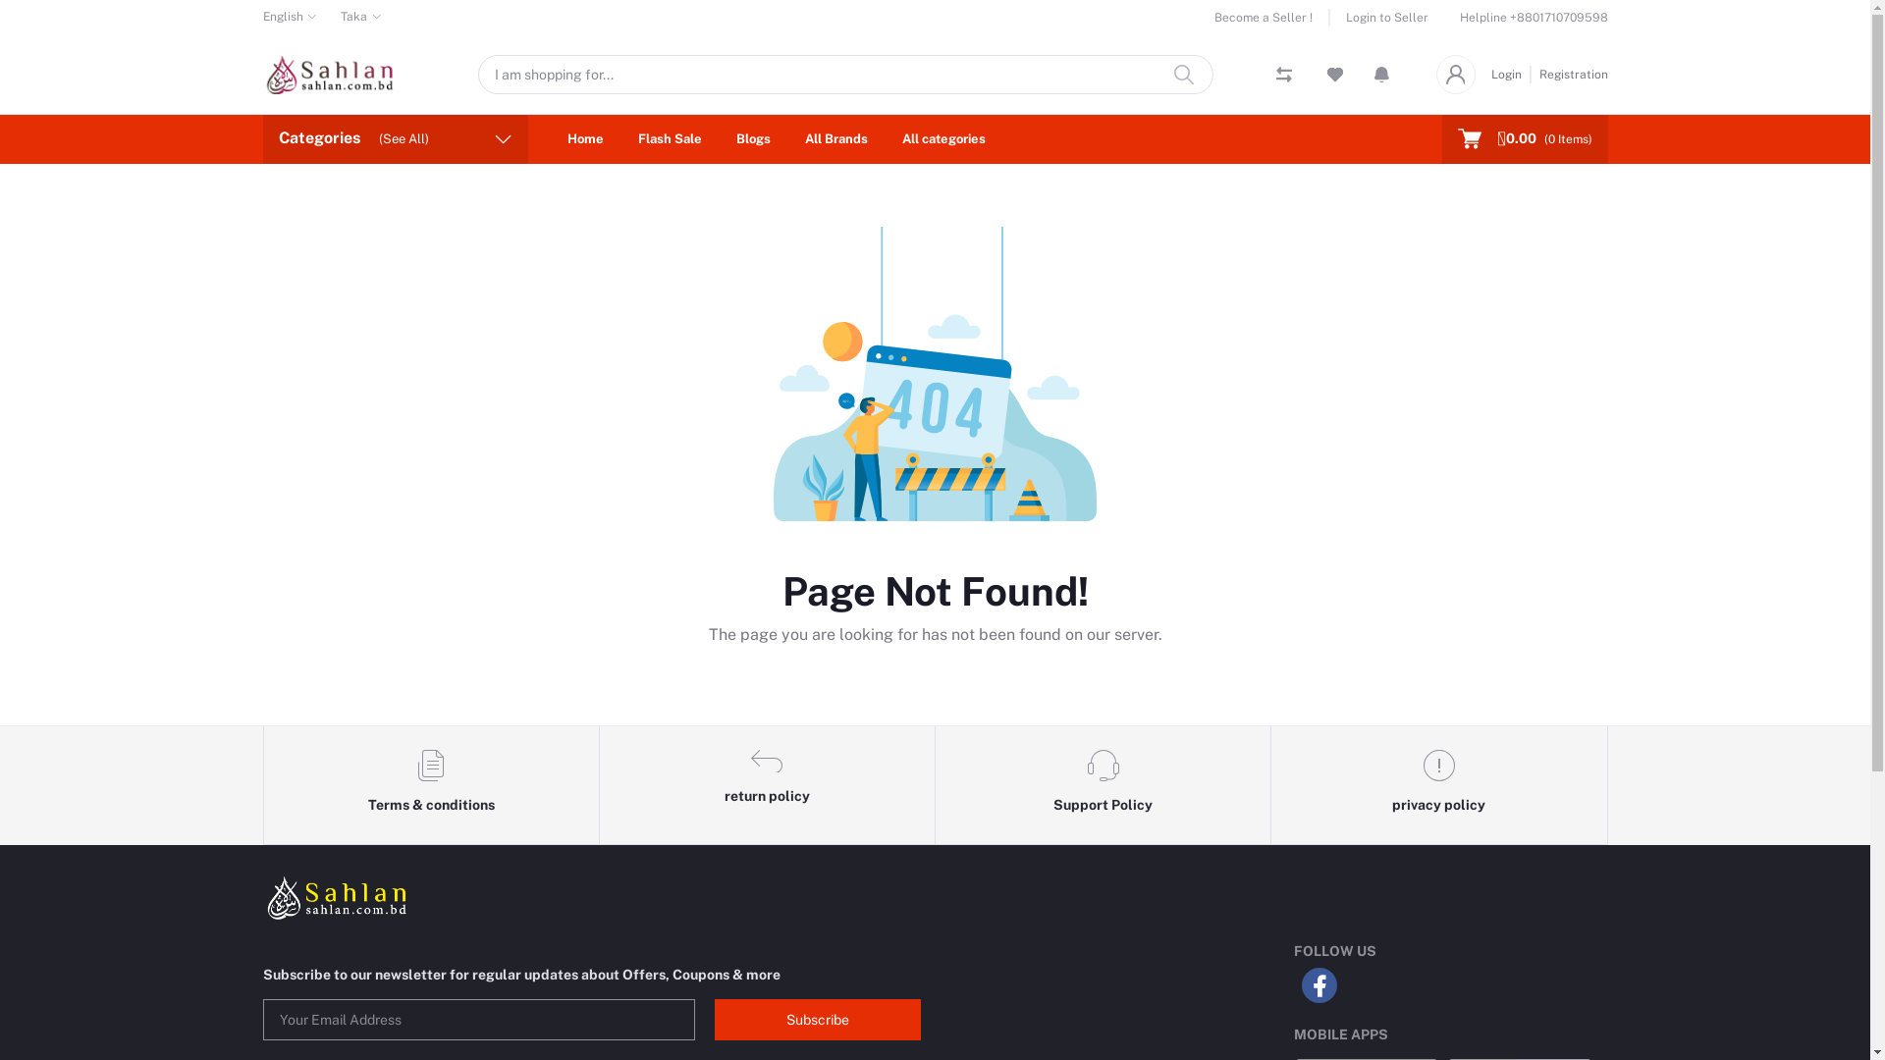 This screenshot has width=1885, height=1060. Describe the element at coordinates (378, 137) in the screenshot. I see `'(See All)'` at that location.